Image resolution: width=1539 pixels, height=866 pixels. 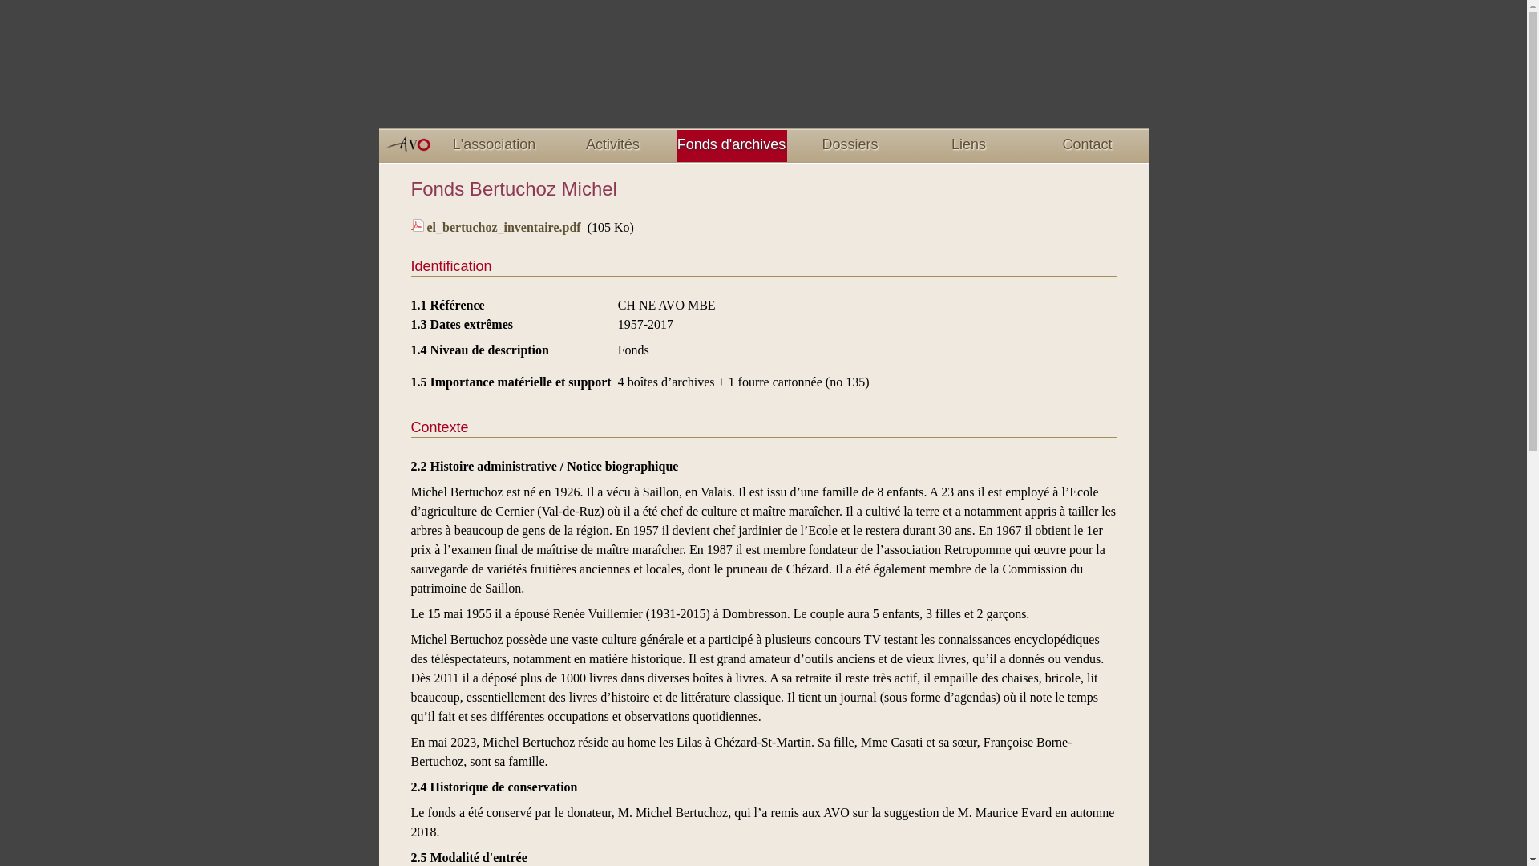 I want to click on 'Fonds d'archives', so click(x=730, y=145).